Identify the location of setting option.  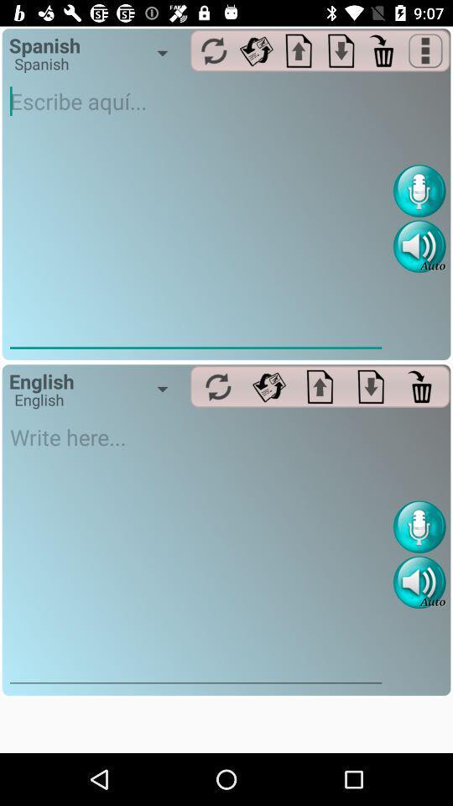
(268, 386).